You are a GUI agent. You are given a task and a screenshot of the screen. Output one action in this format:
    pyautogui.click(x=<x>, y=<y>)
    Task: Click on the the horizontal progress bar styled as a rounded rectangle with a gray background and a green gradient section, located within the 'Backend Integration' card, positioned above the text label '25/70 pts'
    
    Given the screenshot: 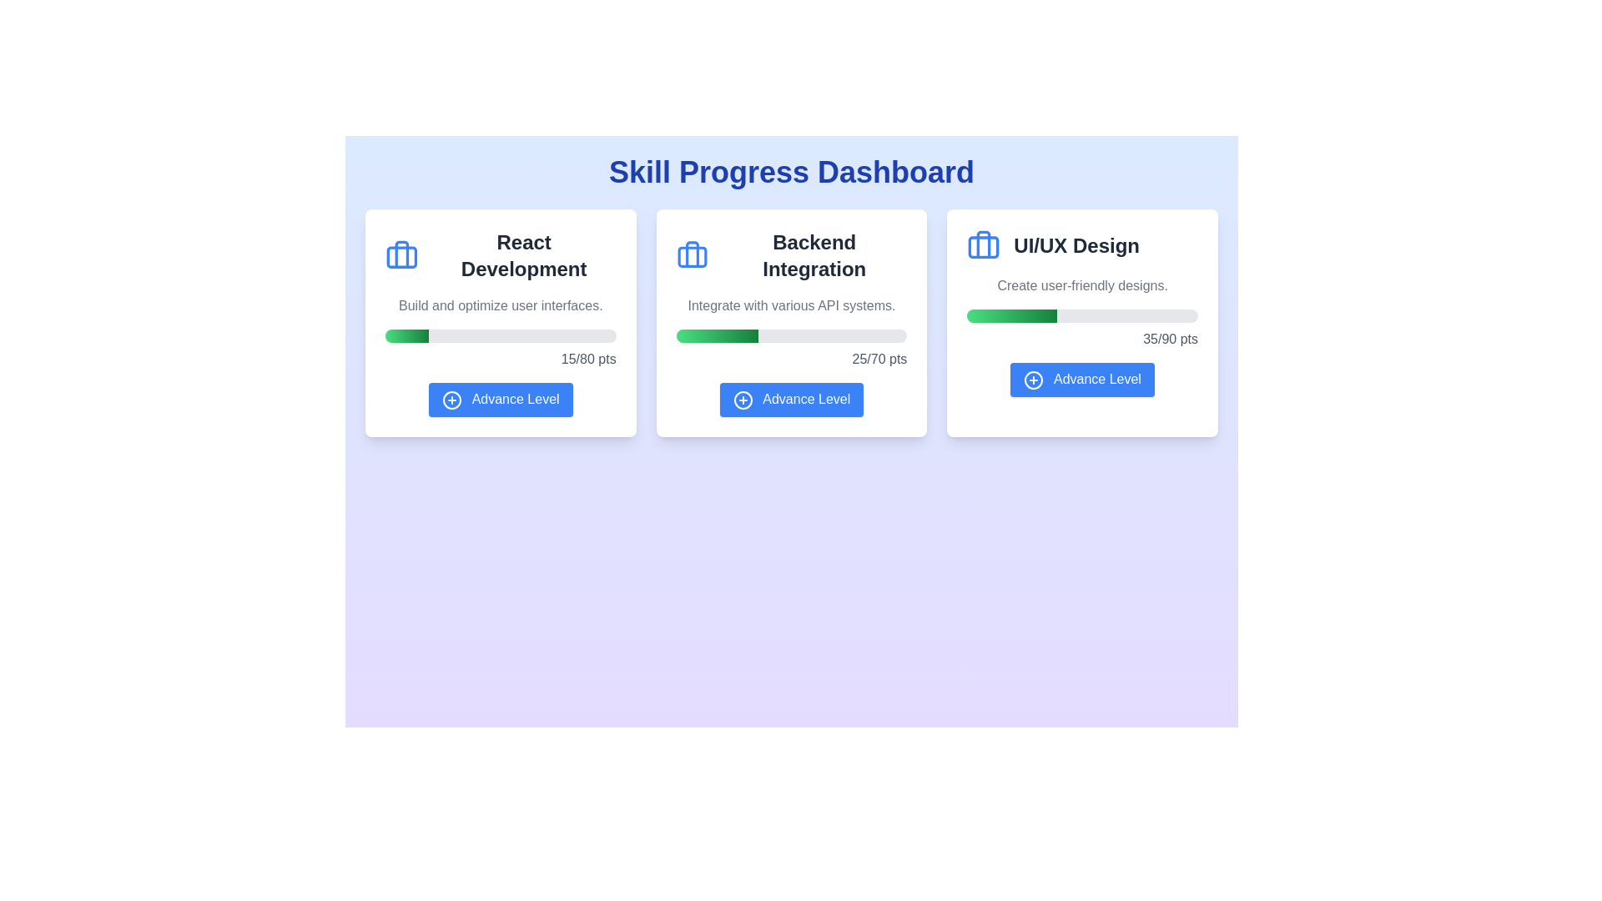 What is the action you would take?
    pyautogui.click(x=791, y=335)
    